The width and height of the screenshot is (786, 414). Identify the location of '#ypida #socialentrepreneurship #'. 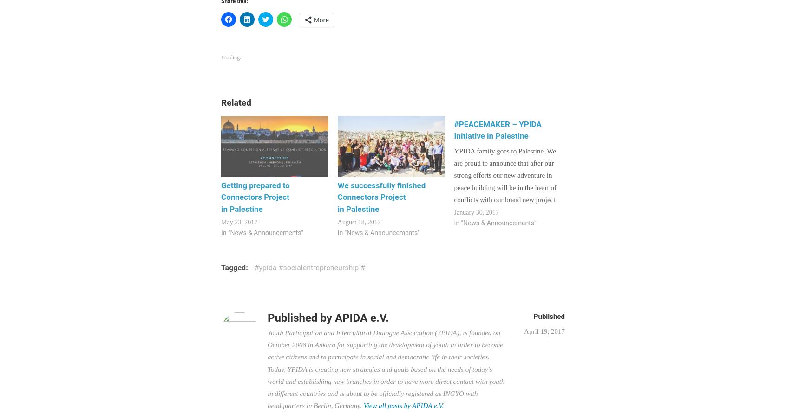
(254, 267).